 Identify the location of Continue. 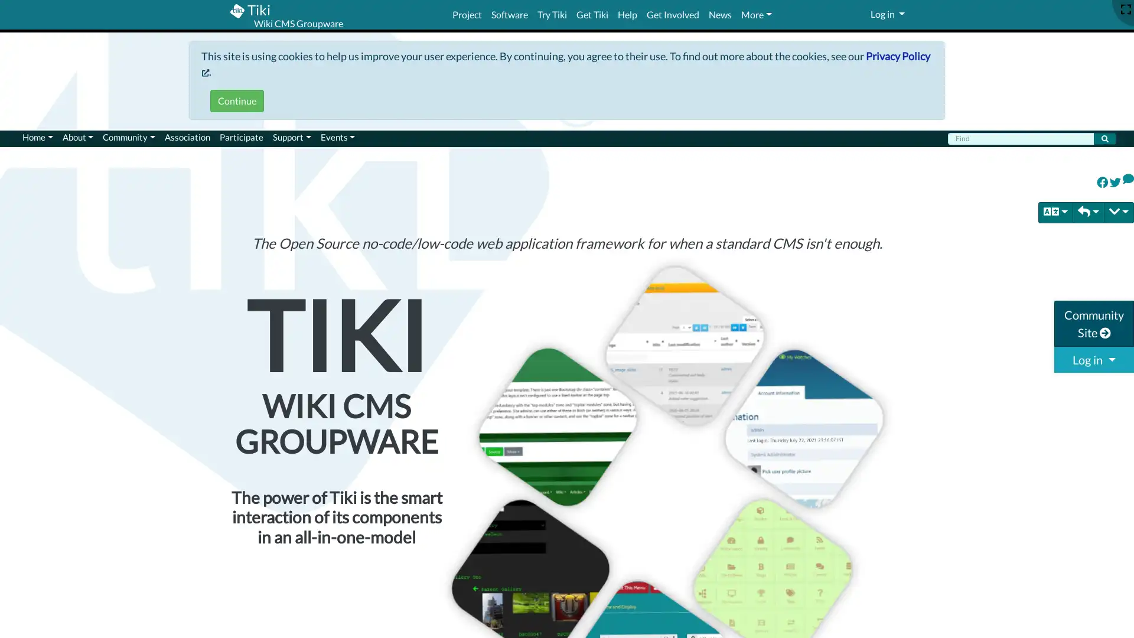
(236, 99).